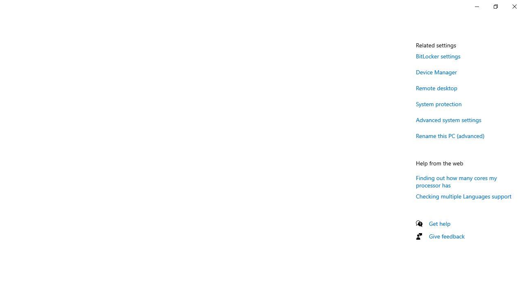 This screenshot has height=294, width=524. Describe the element at coordinates (436, 71) in the screenshot. I see `'Device Manager'` at that location.